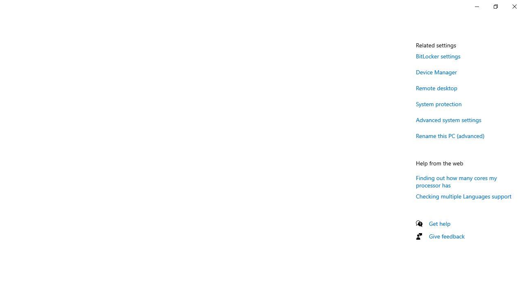 This screenshot has height=294, width=524. Describe the element at coordinates (436, 71) in the screenshot. I see `'Device Manager'` at that location.